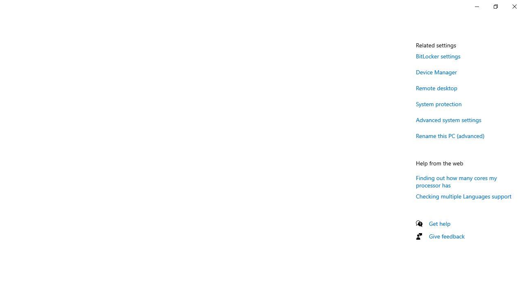 This screenshot has height=294, width=524. Describe the element at coordinates (436, 71) in the screenshot. I see `'Device Manager'` at that location.